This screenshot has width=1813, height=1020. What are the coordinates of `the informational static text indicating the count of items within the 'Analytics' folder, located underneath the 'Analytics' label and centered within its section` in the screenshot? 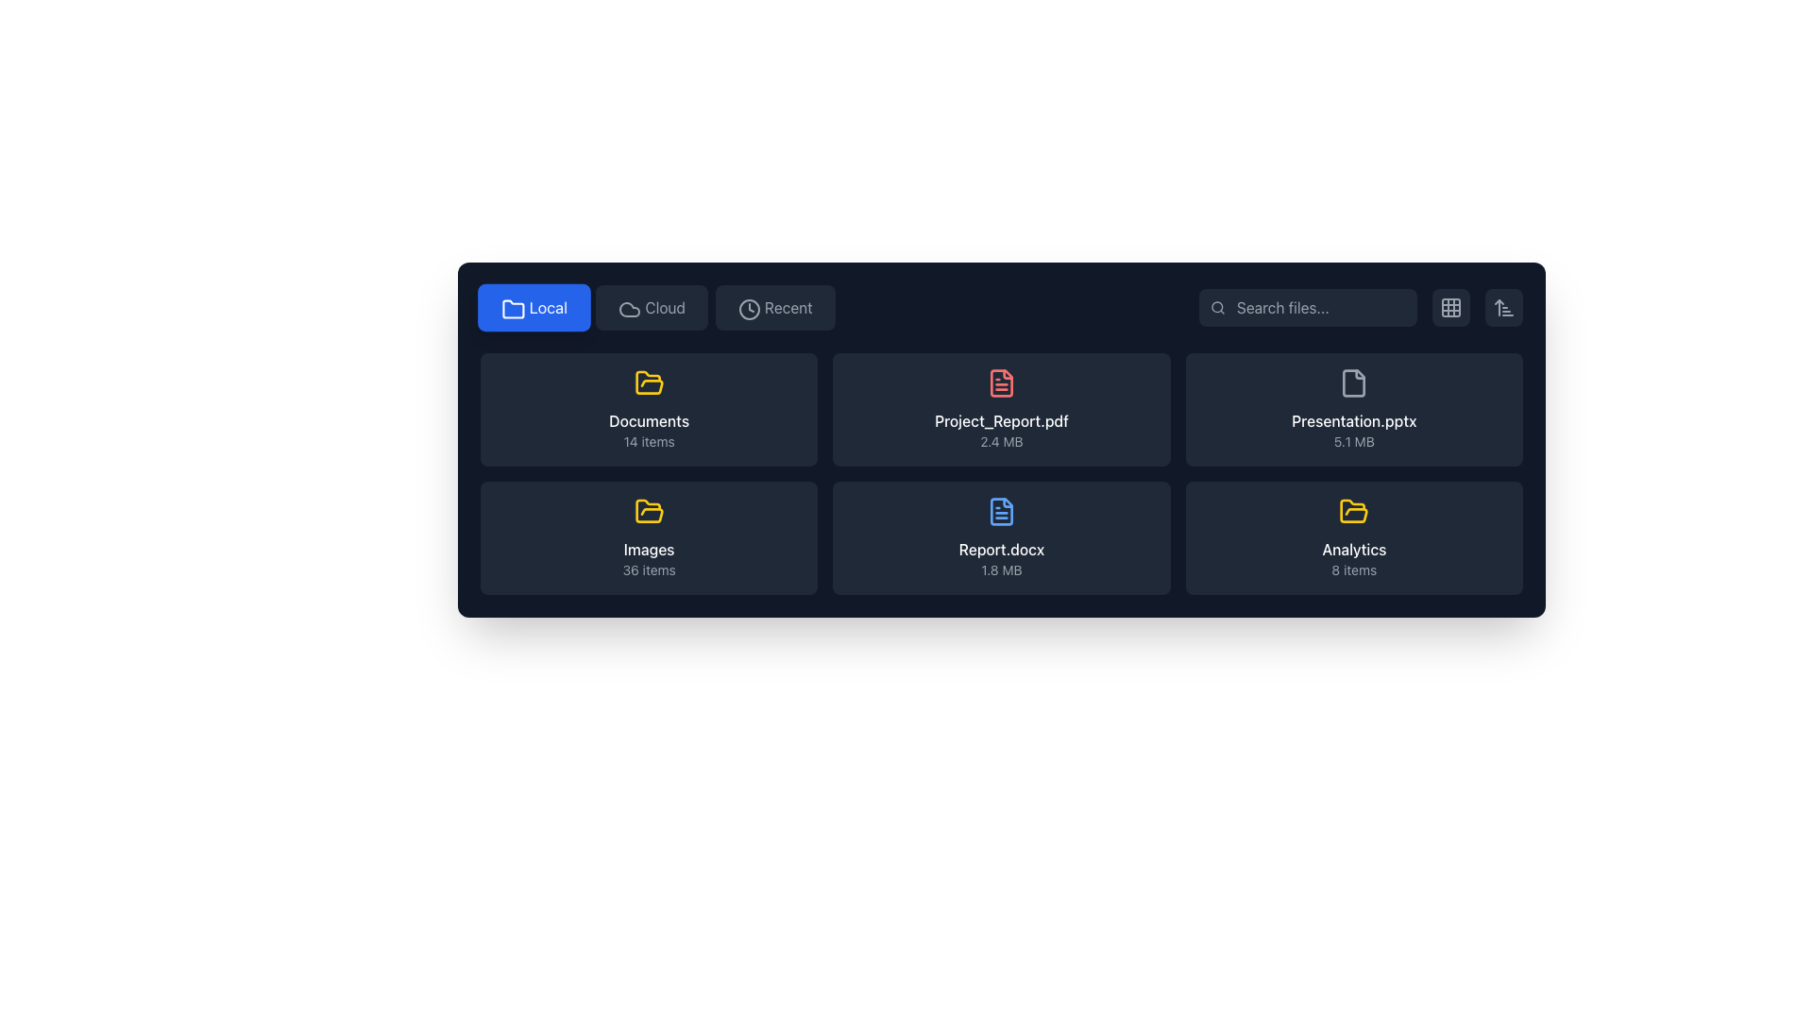 It's located at (1353, 569).